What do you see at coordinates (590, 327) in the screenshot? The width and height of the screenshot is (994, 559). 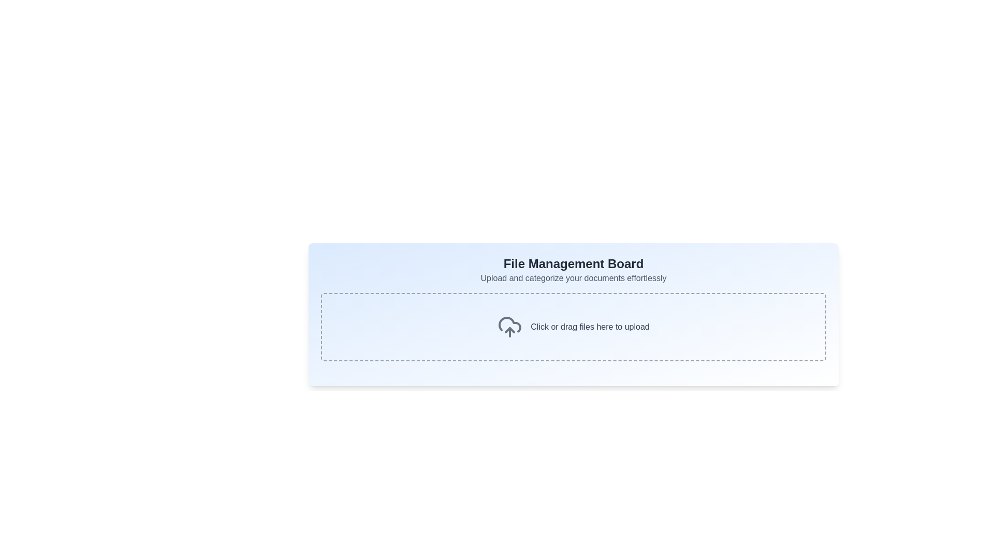 I see `the static informational text that instructs users to click or drag files to upload, located within a dashed rectangular border near an upward-facing arrow icon` at bounding box center [590, 327].